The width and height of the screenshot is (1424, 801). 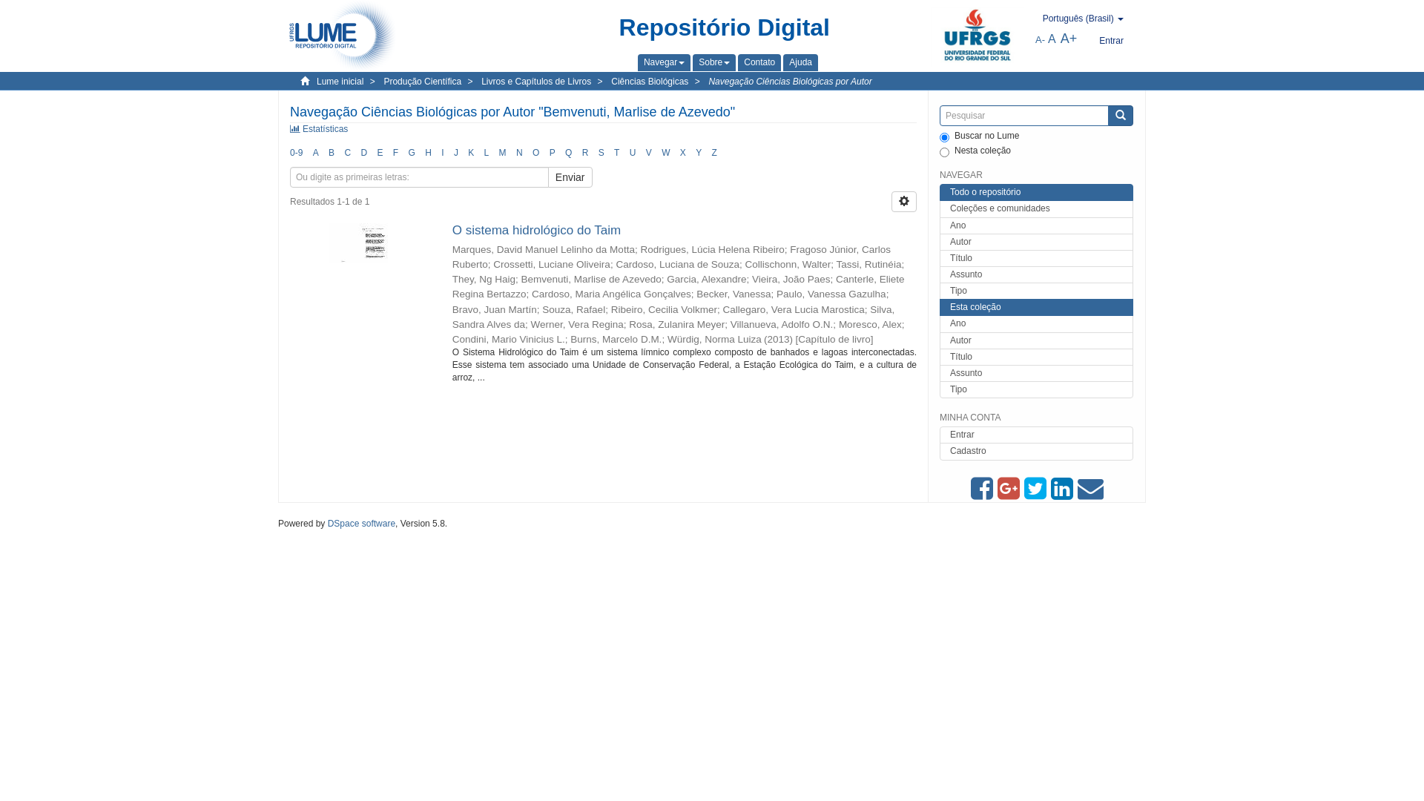 I want to click on 'W', so click(x=665, y=152).